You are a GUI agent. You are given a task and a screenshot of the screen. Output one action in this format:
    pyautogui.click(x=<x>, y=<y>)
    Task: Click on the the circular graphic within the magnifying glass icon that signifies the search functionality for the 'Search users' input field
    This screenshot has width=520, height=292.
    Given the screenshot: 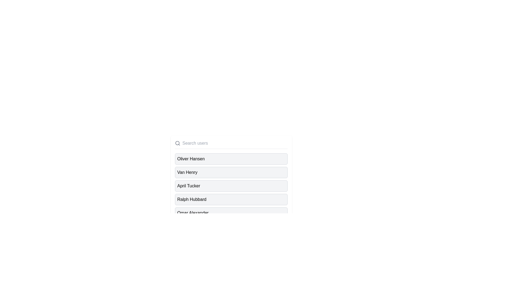 What is the action you would take?
    pyautogui.click(x=177, y=143)
    